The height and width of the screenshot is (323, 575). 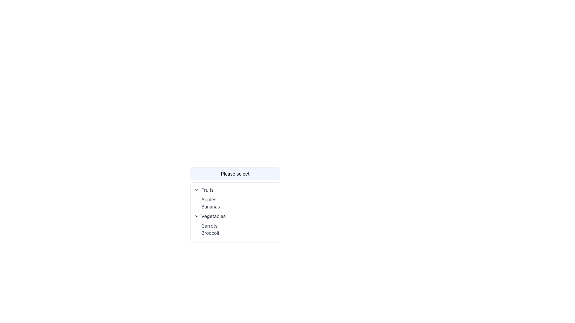 I want to click on the downward-pointing chevron icon next to the 'Vegetables' text in the dropdown menu, so click(x=196, y=216).